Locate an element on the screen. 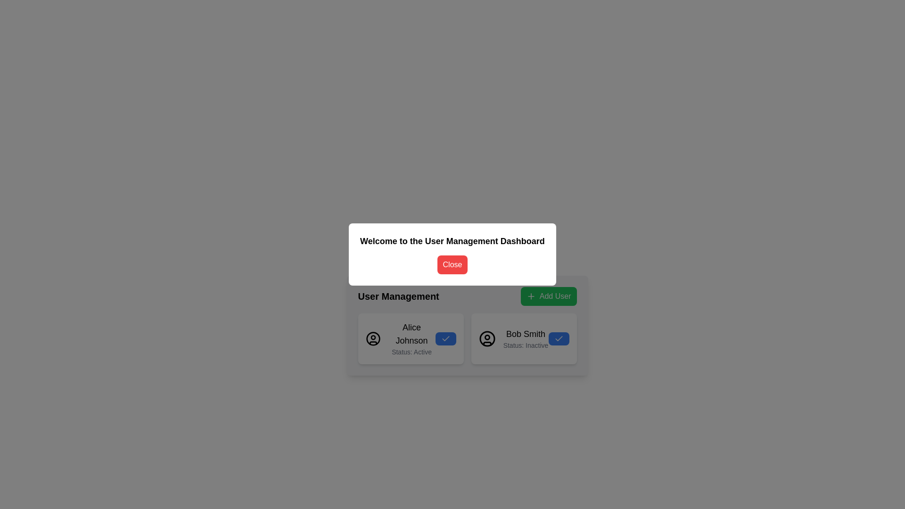 The height and width of the screenshot is (509, 905). the 'Add User' button, which is a green rectangular button with white text and a plus icon, located to the right of 'User Management' is located at coordinates (549, 296).